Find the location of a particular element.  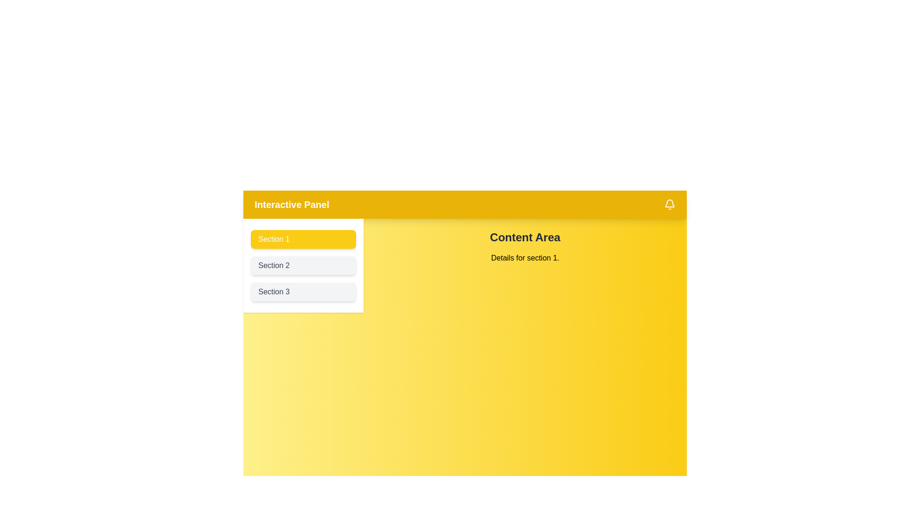

the 'Section 2' button located in the vertical list of buttons within the white panel on the left side of the interface for keyboard interactions is located at coordinates (303, 266).